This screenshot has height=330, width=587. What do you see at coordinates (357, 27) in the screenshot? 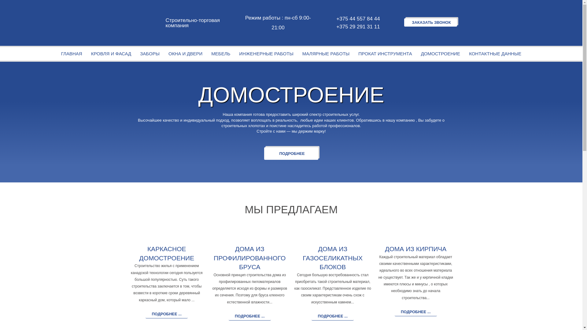
I see `'+375 29 291 31 11'` at bounding box center [357, 27].